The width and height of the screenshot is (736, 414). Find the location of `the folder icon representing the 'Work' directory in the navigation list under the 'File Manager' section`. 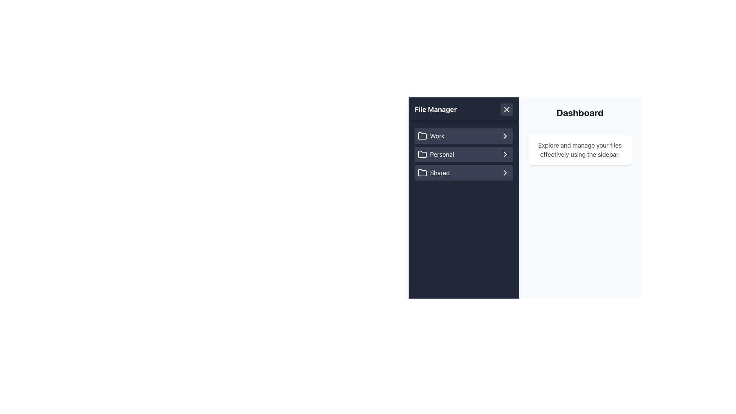

the folder icon representing the 'Work' directory in the navigation list under the 'File Manager' section is located at coordinates (422, 135).